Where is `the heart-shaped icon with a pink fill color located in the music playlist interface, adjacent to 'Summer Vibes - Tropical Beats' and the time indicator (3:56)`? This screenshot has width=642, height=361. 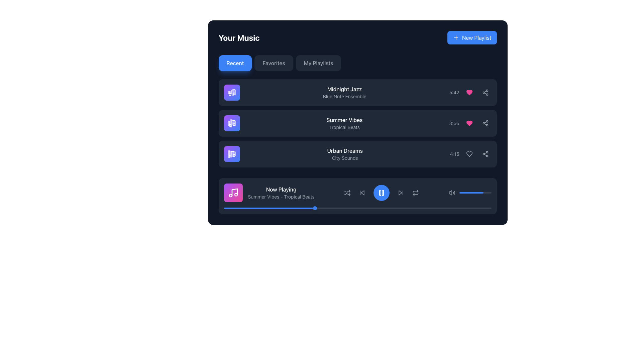
the heart-shaped icon with a pink fill color located in the music playlist interface, adjacent to 'Summer Vibes - Tropical Beats' and the time indicator (3:56) is located at coordinates (469, 123).